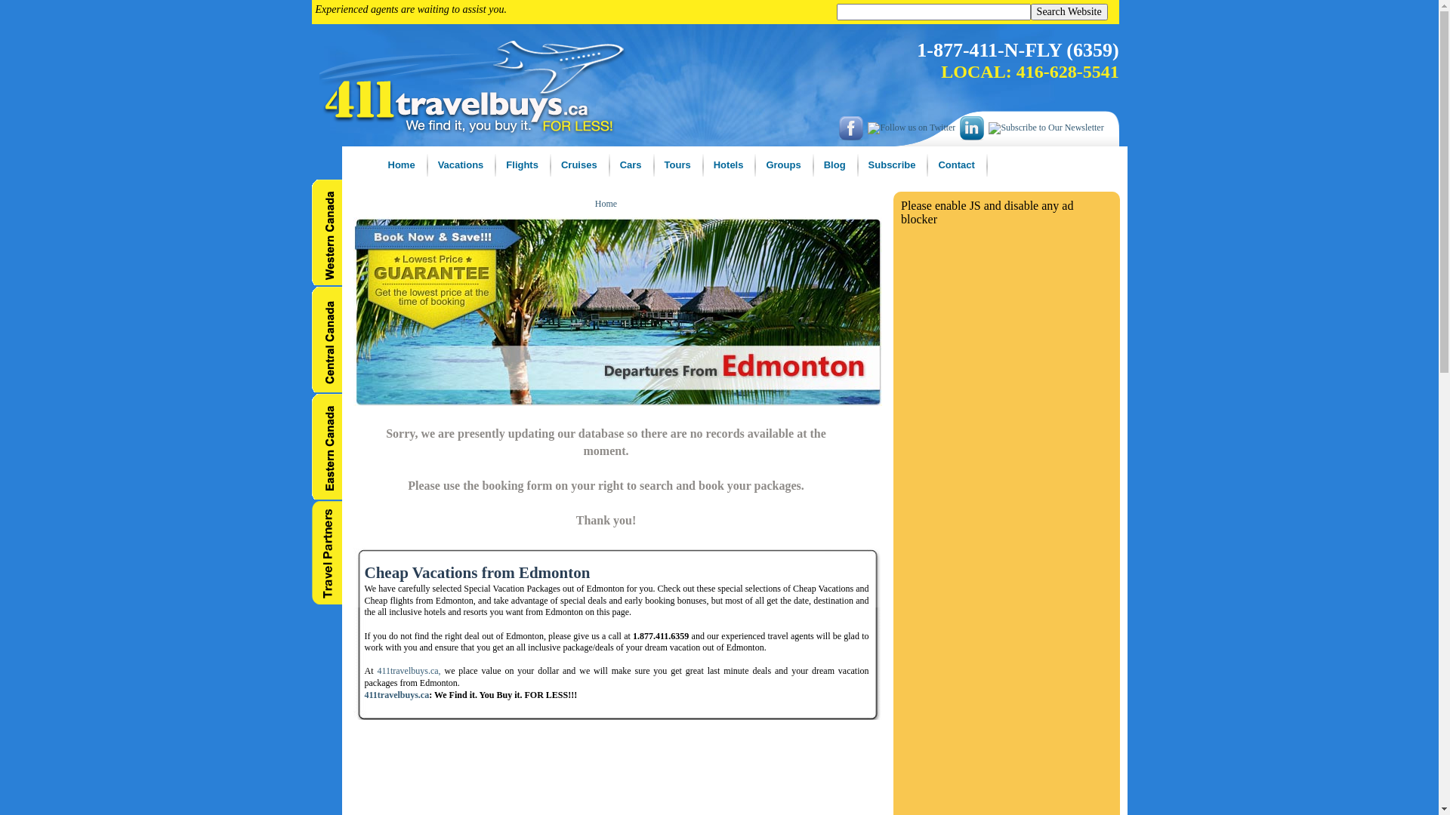 Image resolution: width=1450 pixels, height=815 pixels. I want to click on 'Contact', so click(956, 165).